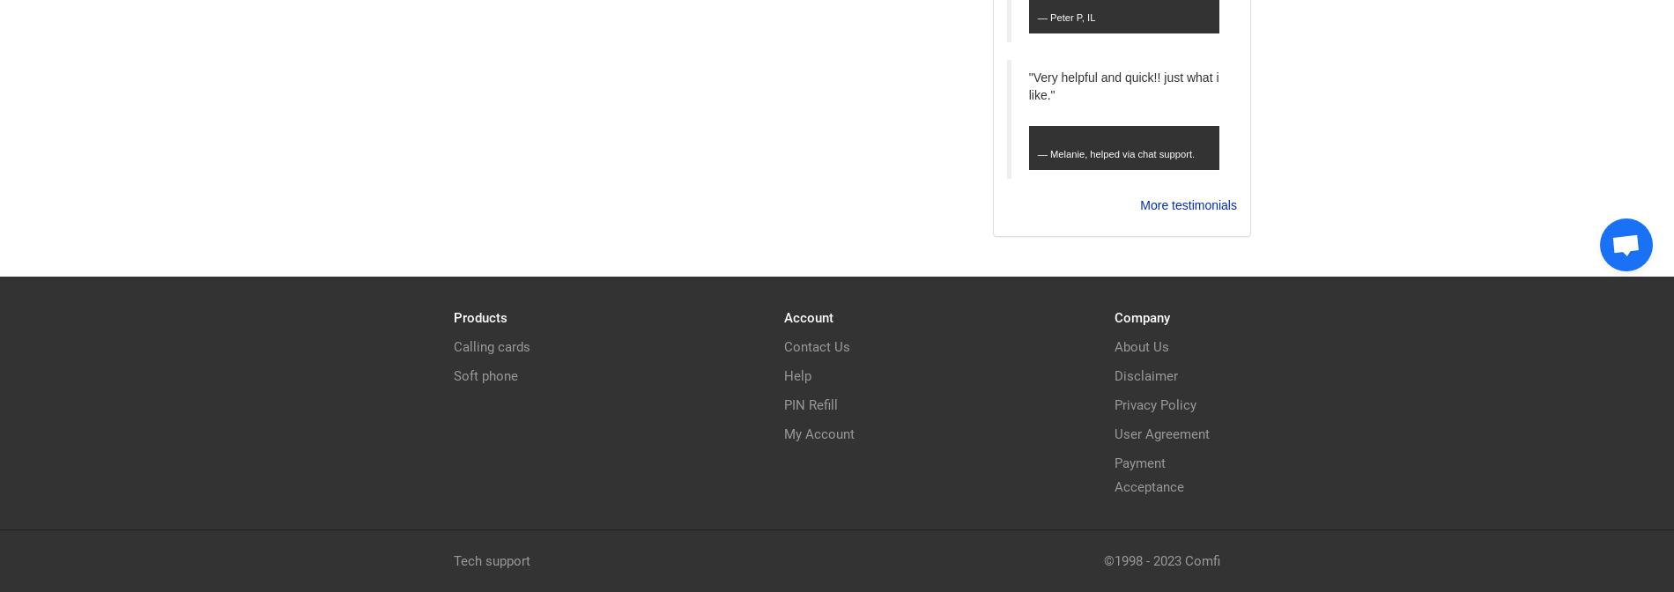 This screenshot has height=592, width=1674. Describe the element at coordinates (485, 375) in the screenshot. I see `'Soft phone'` at that location.